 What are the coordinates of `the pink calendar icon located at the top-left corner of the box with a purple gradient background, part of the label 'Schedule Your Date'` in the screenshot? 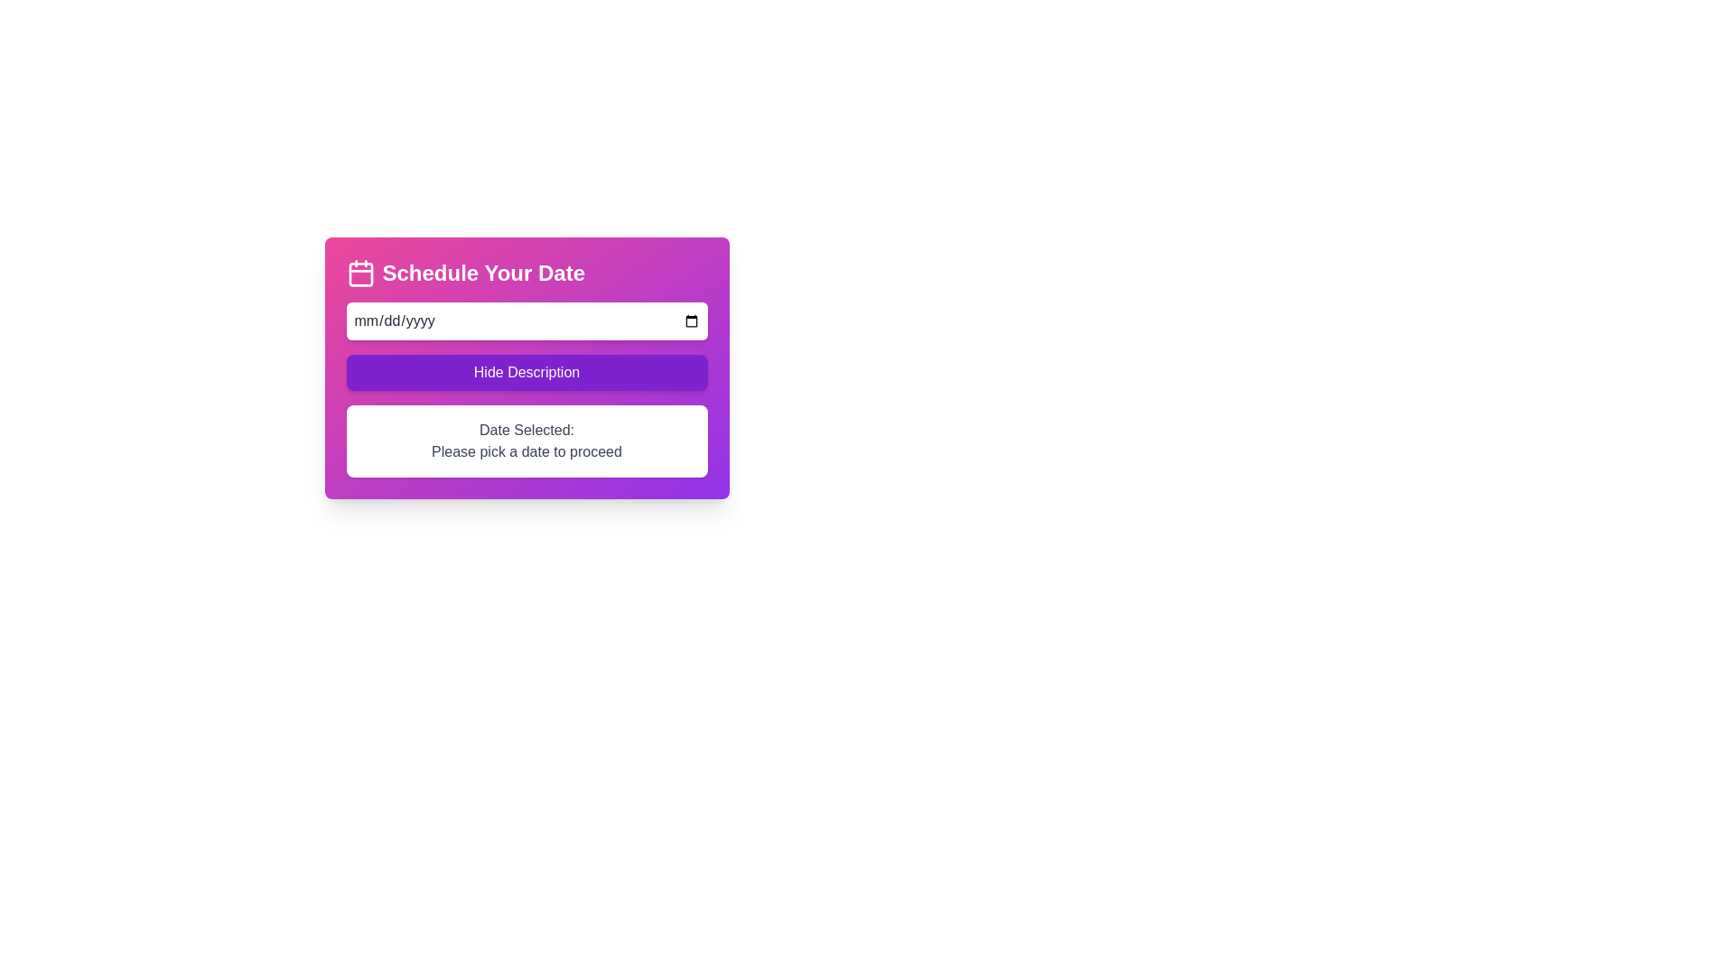 It's located at (360, 274).